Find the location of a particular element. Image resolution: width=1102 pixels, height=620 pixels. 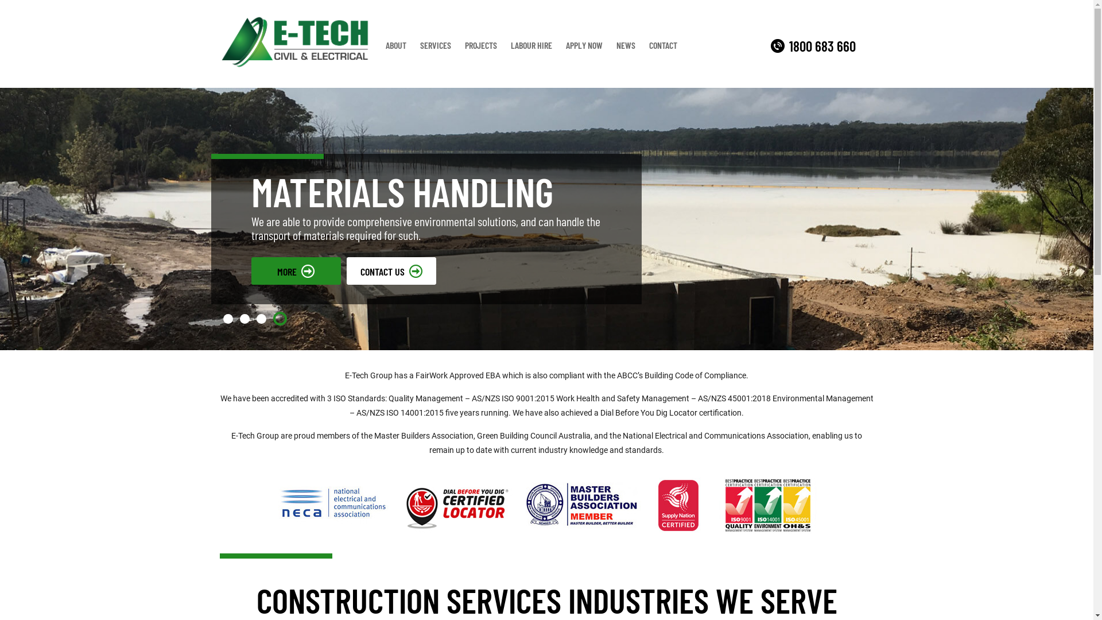

'ABOUT' is located at coordinates (379, 44).